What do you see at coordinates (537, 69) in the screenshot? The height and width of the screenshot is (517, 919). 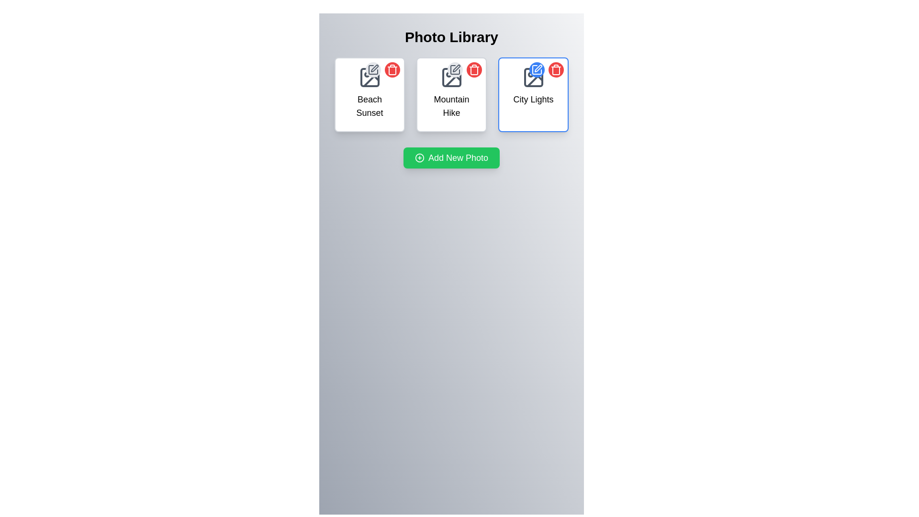 I see `the circular blue button with a white pen icon in the top-right corner of the 'City Lights' card` at bounding box center [537, 69].